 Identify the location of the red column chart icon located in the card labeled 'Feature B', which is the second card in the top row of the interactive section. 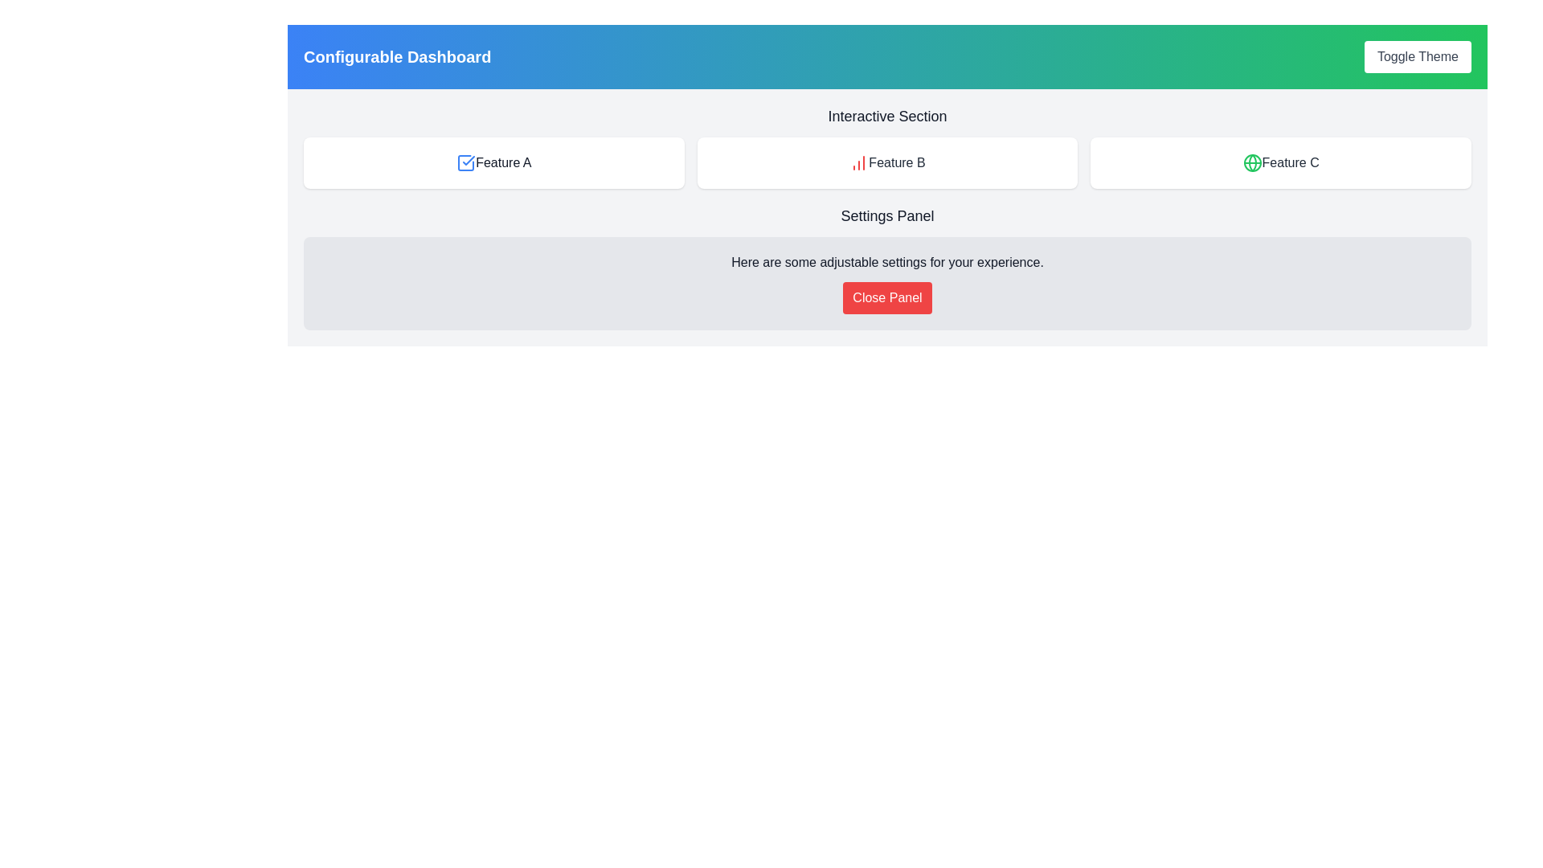
(858, 163).